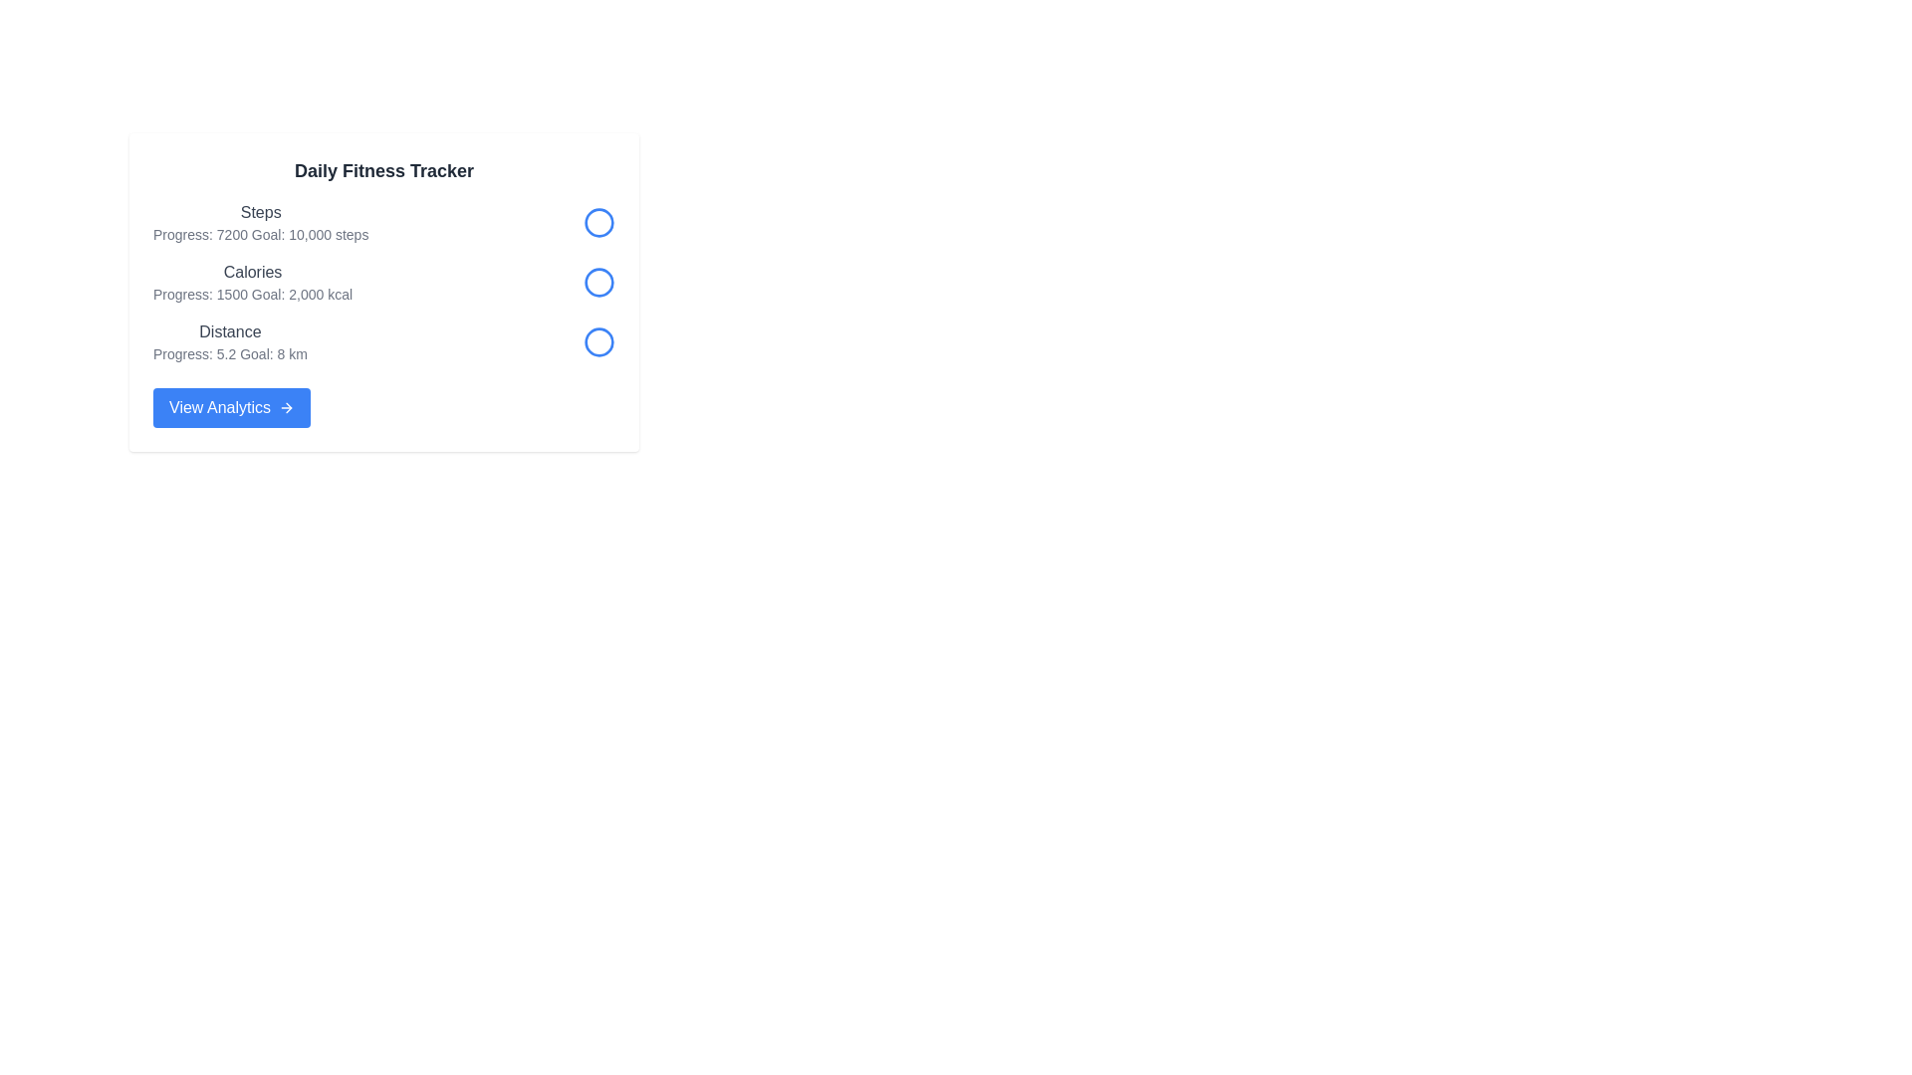  Describe the element at coordinates (260, 212) in the screenshot. I see `the header text 'Steps' which is styled with a medium font weight and gray color, positioned at the top of the progress description section` at that location.